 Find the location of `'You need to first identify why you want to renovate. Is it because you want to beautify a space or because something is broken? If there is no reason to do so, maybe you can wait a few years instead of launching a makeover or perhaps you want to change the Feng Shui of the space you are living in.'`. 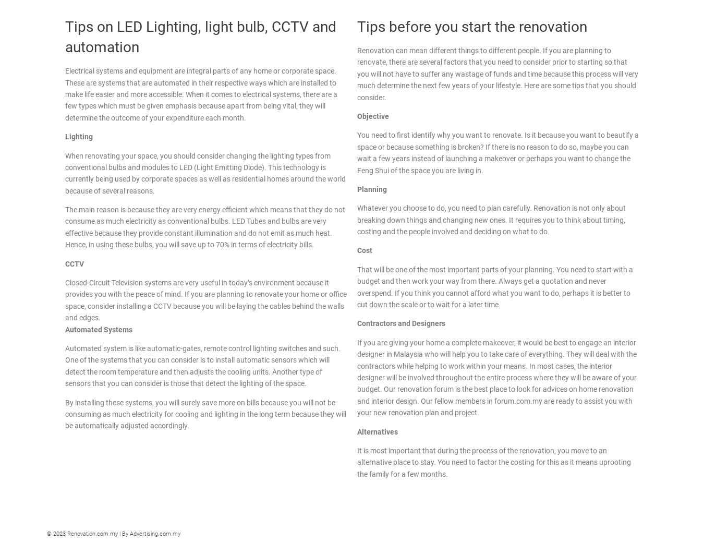

'You need to first identify why you want to renovate. Is it because you want to beautify a space or because something is broken? If there is no reason to do so, maybe you can wait a few years instead of launching a makeover or perhaps you want to change the Feng Shui of the space you are living in.' is located at coordinates (497, 152).